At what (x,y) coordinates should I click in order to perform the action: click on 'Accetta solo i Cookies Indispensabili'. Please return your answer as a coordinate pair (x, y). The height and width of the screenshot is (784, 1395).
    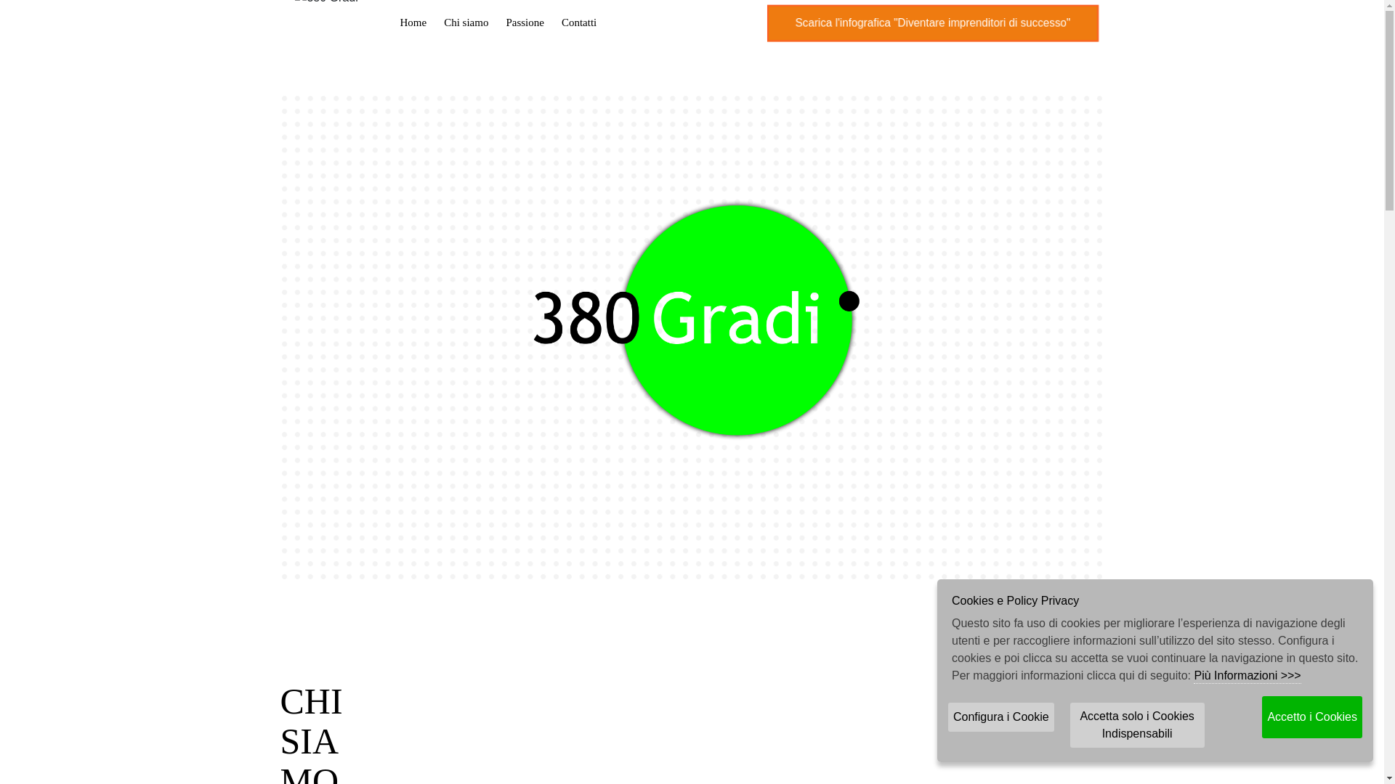
    Looking at the image, I should click on (1136, 725).